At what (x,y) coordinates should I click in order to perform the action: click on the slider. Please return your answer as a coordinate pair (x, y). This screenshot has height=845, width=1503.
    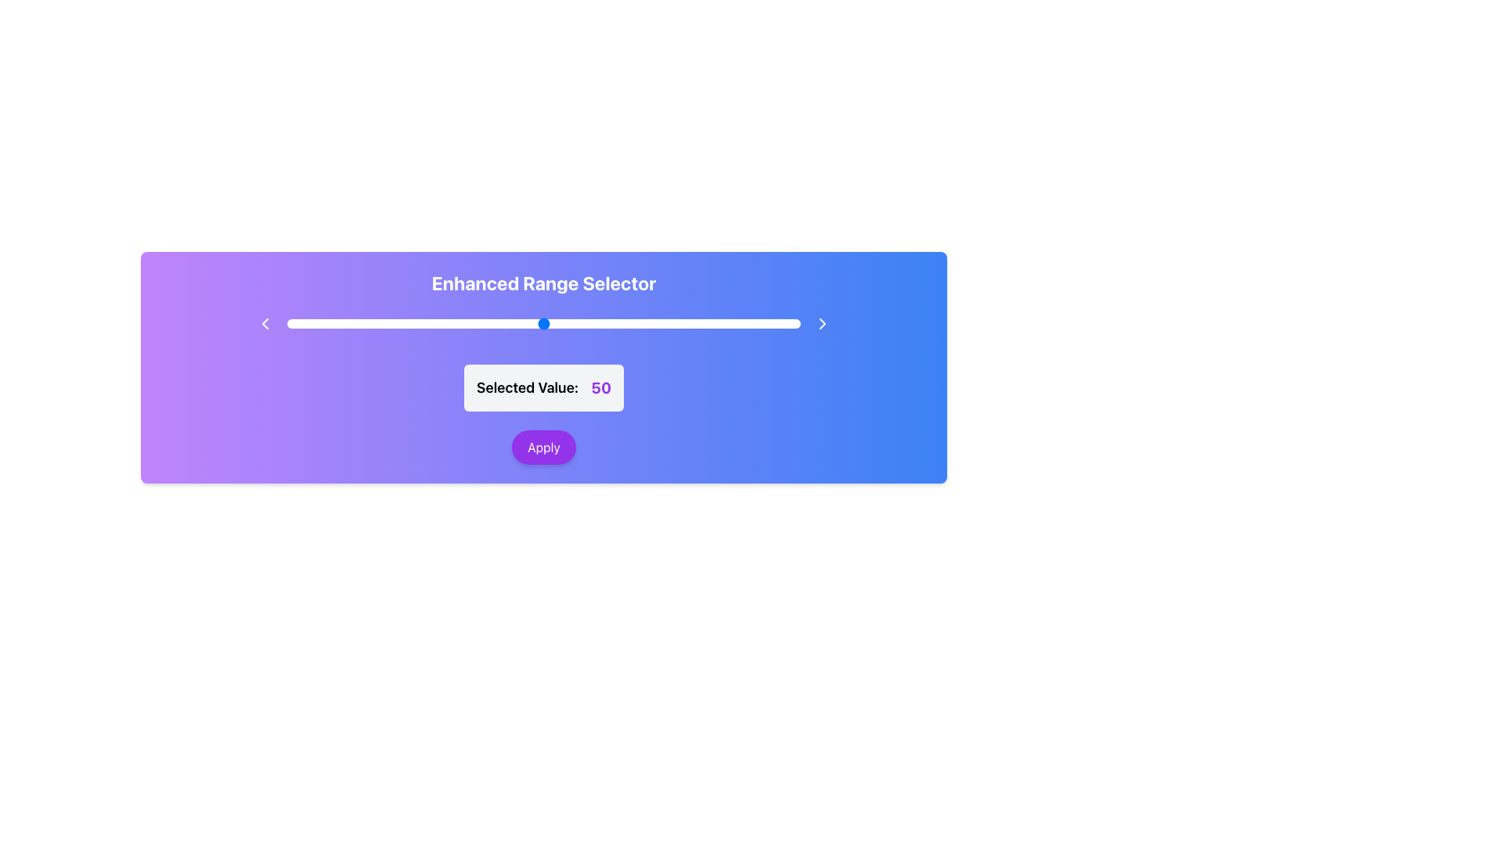
    Looking at the image, I should click on (615, 322).